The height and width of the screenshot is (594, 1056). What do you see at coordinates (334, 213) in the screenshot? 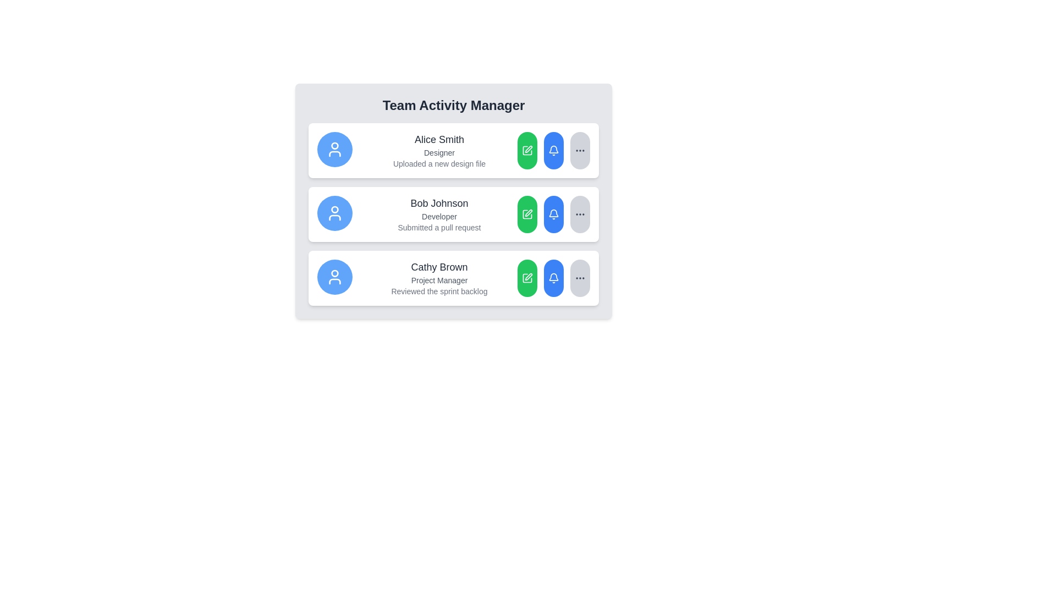
I see `the user avatar icon for Bob Johnson, which is a circular blue icon with a white user silhouette, located within the second entry of the user card list` at bounding box center [334, 213].